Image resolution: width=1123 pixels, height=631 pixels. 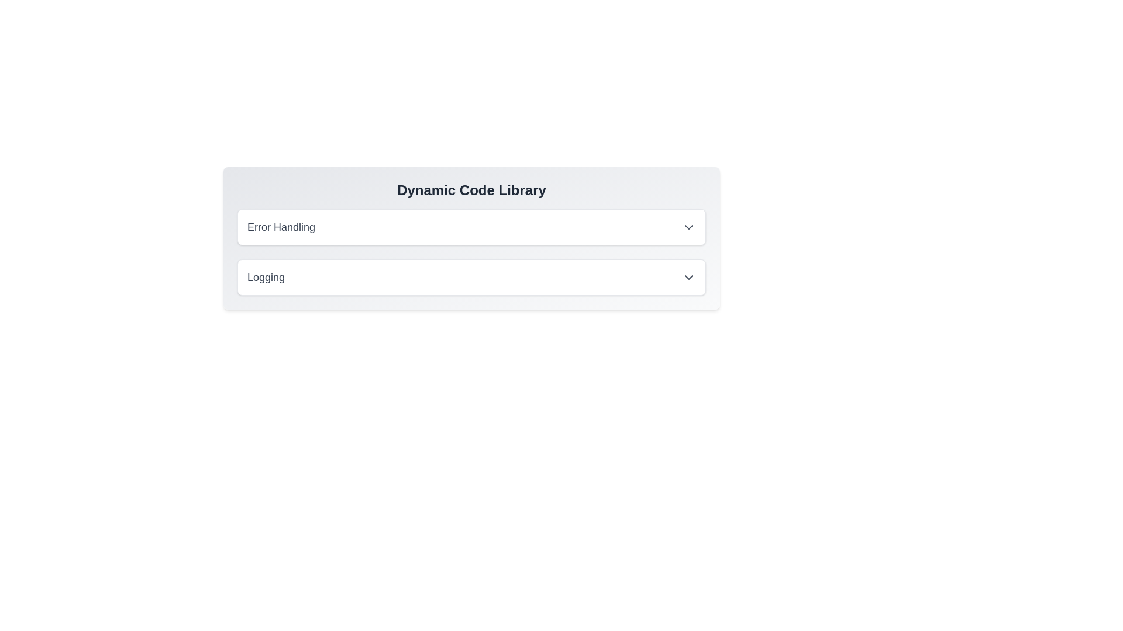 What do you see at coordinates (688, 227) in the screenshot?
I see `the Dropdown toggle icon located on the right side of the 'Error Handling' label` at bounding box center [688, 227].